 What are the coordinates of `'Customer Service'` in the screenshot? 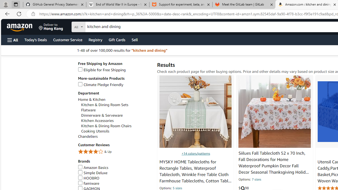 It's located at (67, 39).